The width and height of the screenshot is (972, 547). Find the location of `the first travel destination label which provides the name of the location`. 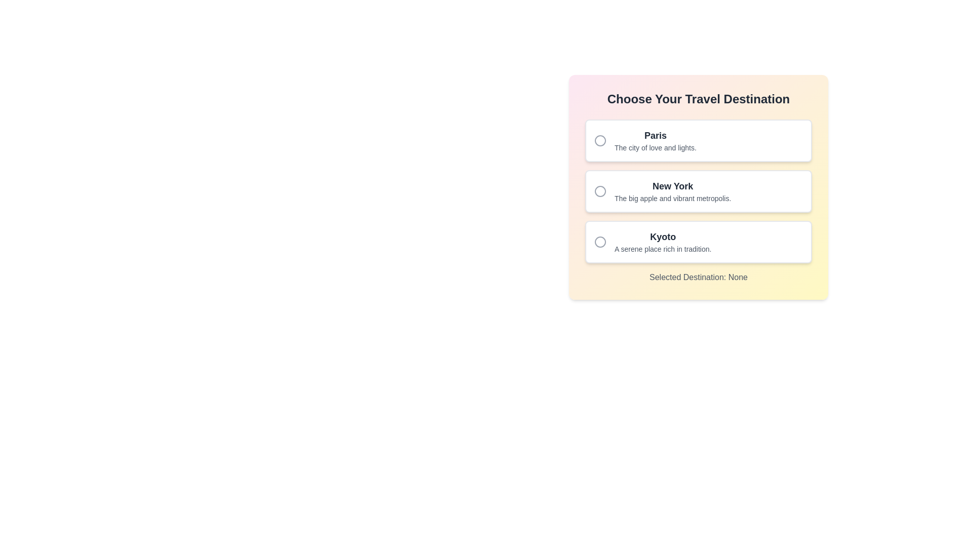

the first travel destination label which provides the name of the location is located at coordinates (655, 135).